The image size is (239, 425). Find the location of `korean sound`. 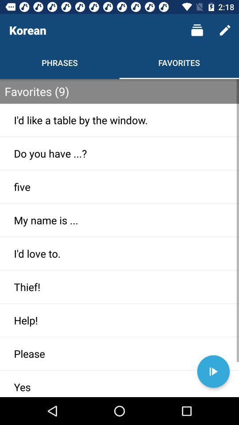

korean sound is located at coordinates (213, 371).